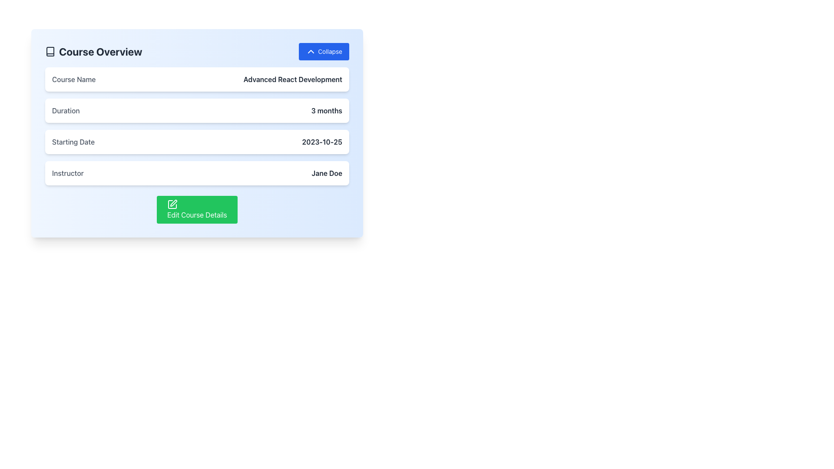 This screenshot has width=834, height=469. What do you see at coordinates (311, 52) in the screenshot?
I see `the upward-pointing chevron-shaped arrow icon located to the left of the 'Collapse' text label in the blue button` at bounding box center [311, 52].